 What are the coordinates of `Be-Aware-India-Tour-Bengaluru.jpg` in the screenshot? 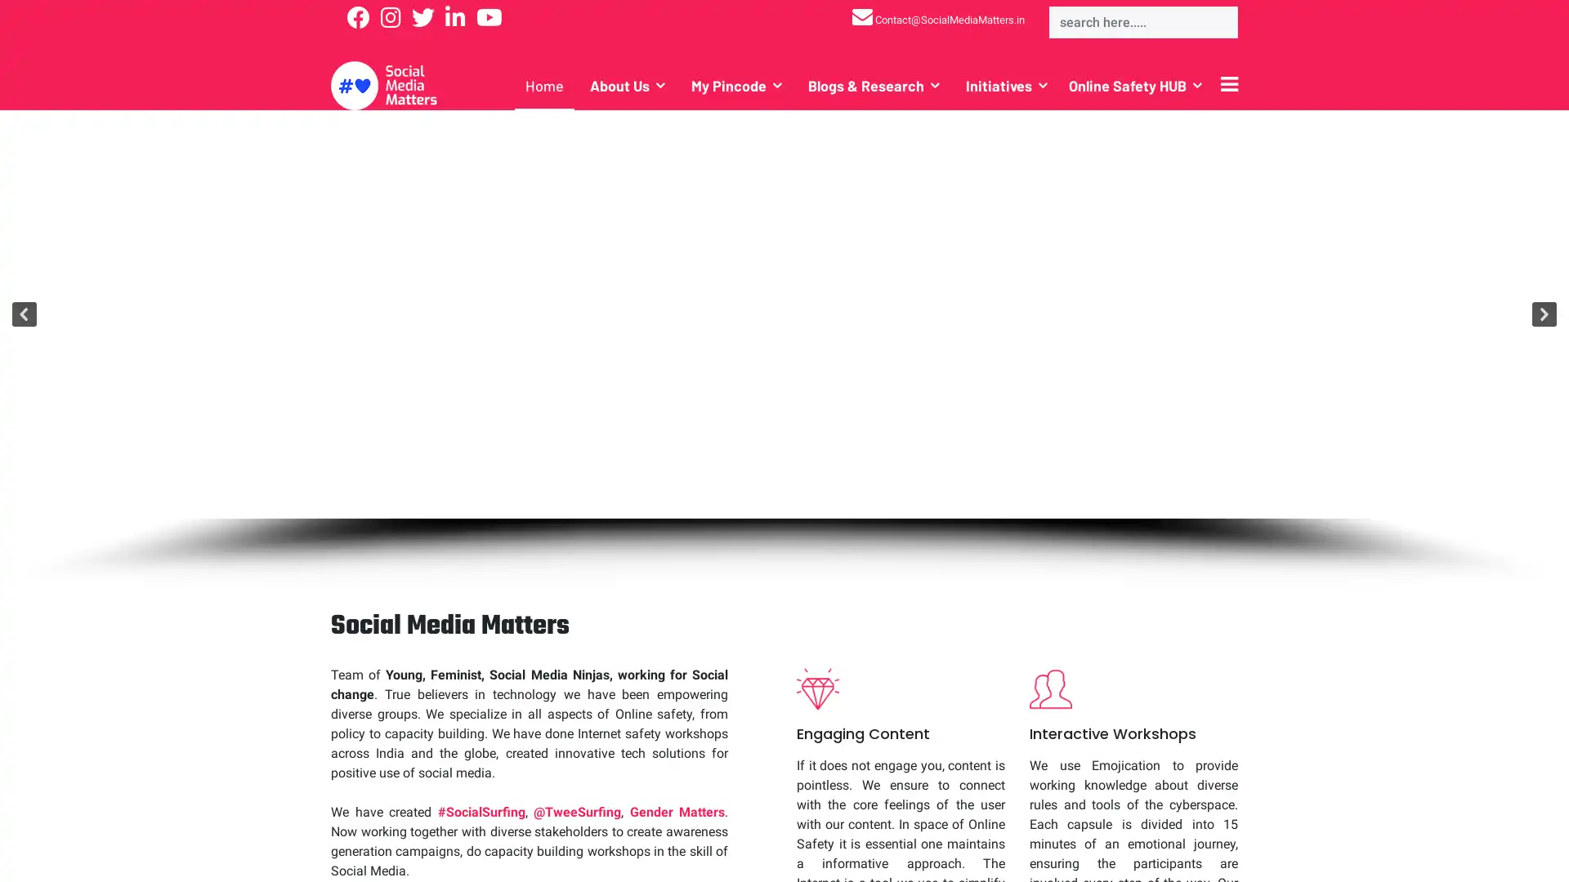 It's located at (732, 502).